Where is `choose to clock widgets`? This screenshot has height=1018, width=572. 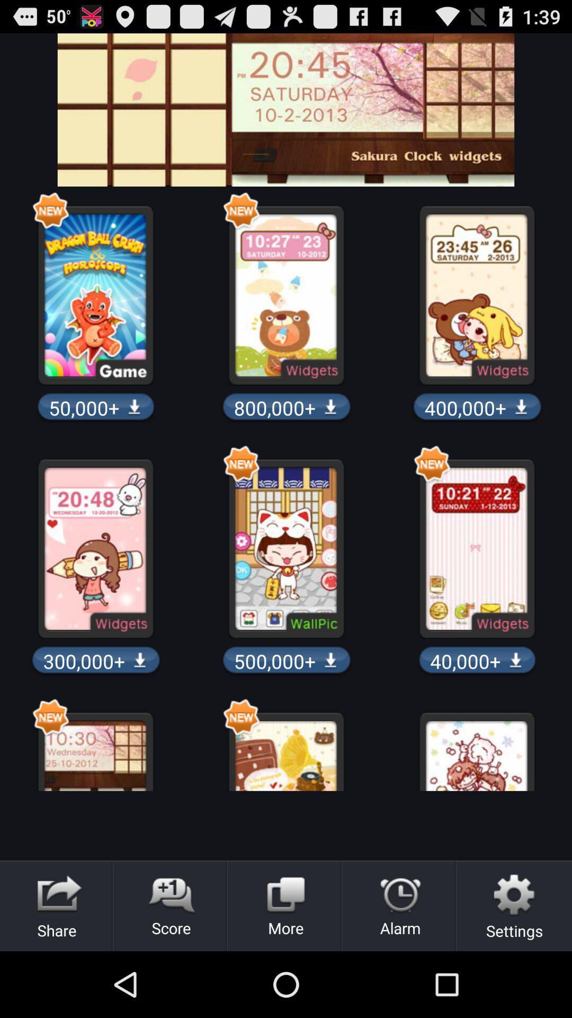 choose to clock widgets is located at coordinates (286, 110).